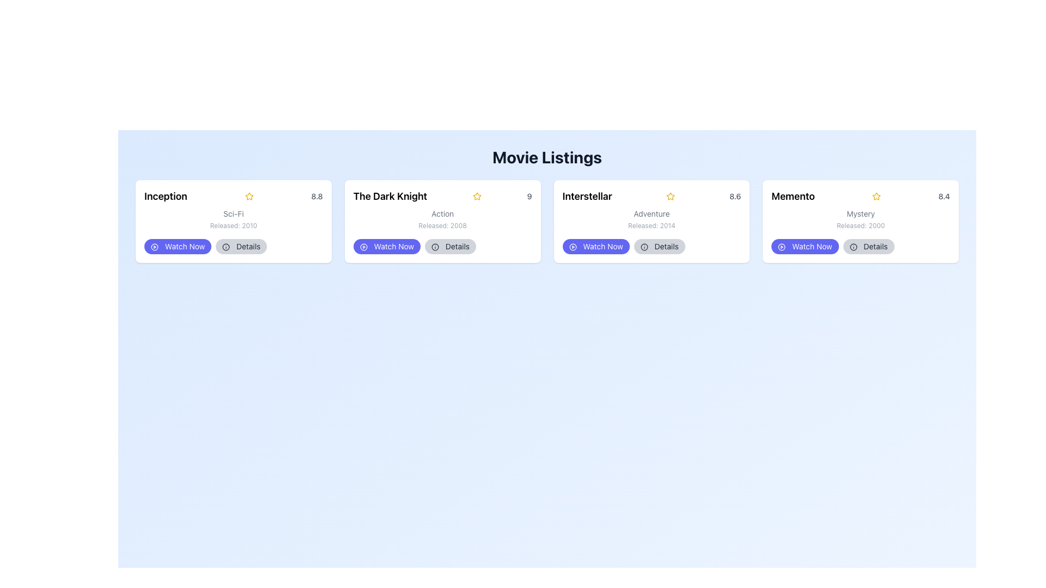 The height and width of the screenshot is (588, 1046). Describe the element at coordinates (363, 247) in the screenshot. I see `the circle icon within the SVG graphic on the 'Watch Now' button for 'The Dark Knight' movie card to initiate playback` at that location.